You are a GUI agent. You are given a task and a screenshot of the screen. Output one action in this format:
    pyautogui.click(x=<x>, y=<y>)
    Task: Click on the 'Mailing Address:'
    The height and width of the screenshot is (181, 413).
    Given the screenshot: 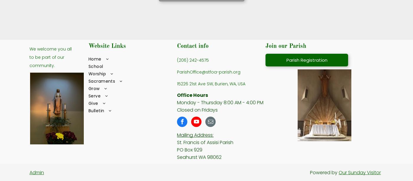 What is the action you would take?
    pyautogui.click(x=195, y=135)
    